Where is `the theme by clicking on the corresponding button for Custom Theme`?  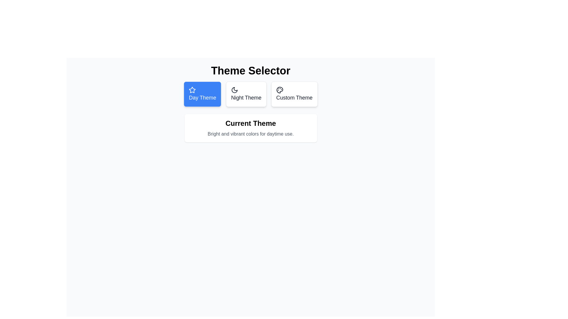
the theme by clicking on the corresponding button for Custom Theme is located at coordinates (294, 94).